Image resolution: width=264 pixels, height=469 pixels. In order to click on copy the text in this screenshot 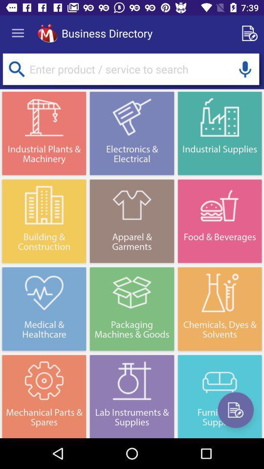, I will do `click(251, 33)`.